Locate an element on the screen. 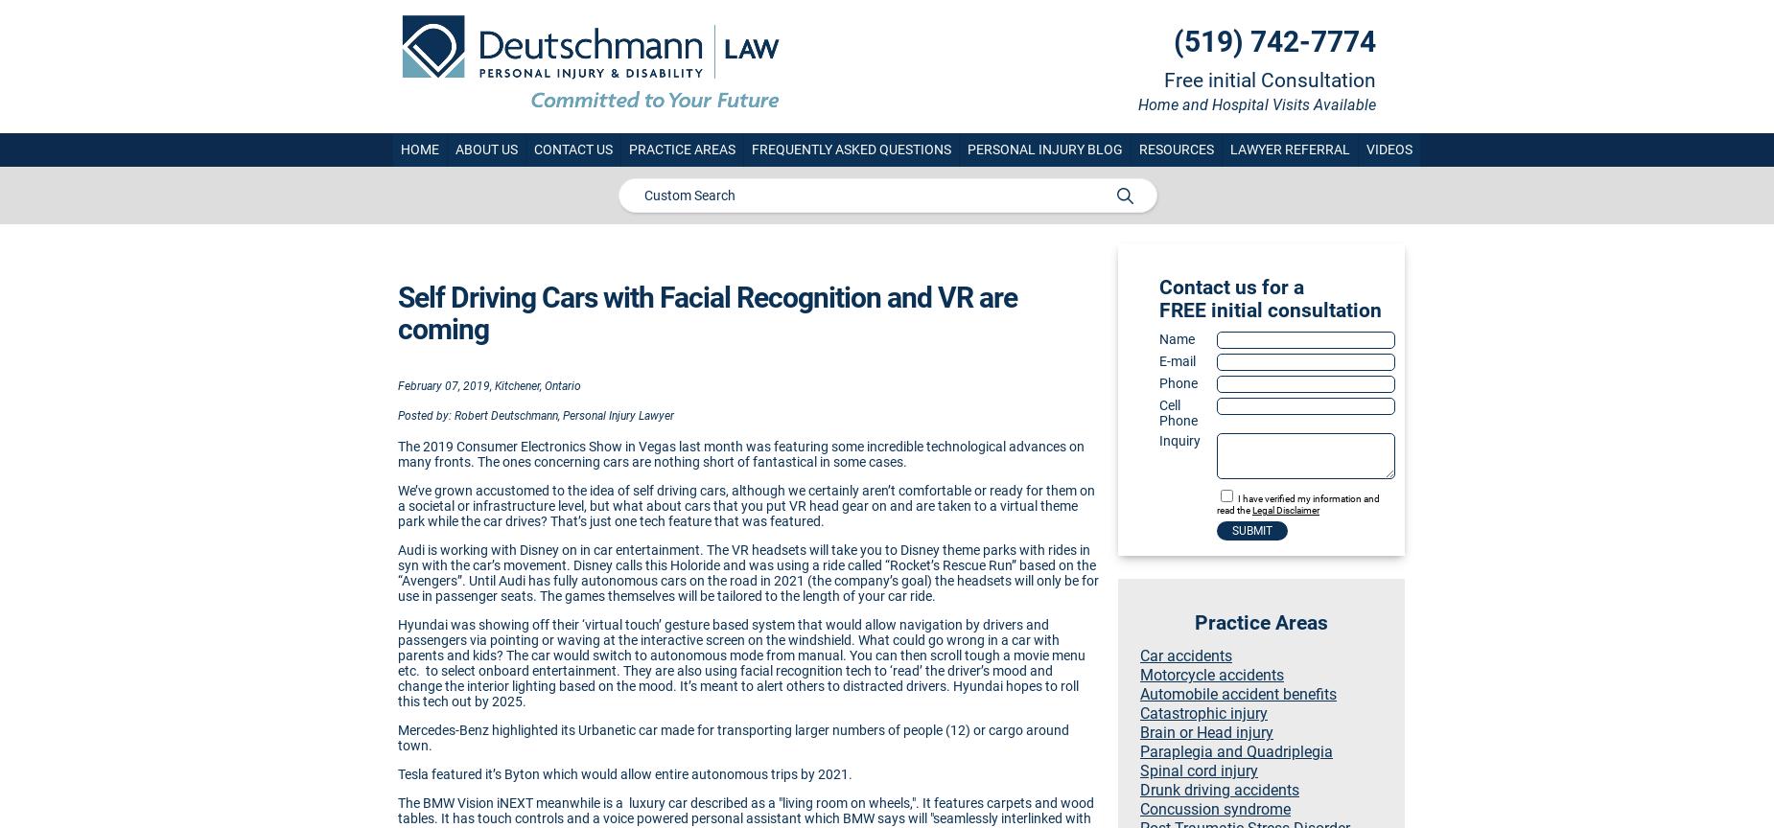 This screenshot has width=1774, height=828. 'Paraplegia and Quadriplegia' is located at coordinates (1235, 750).